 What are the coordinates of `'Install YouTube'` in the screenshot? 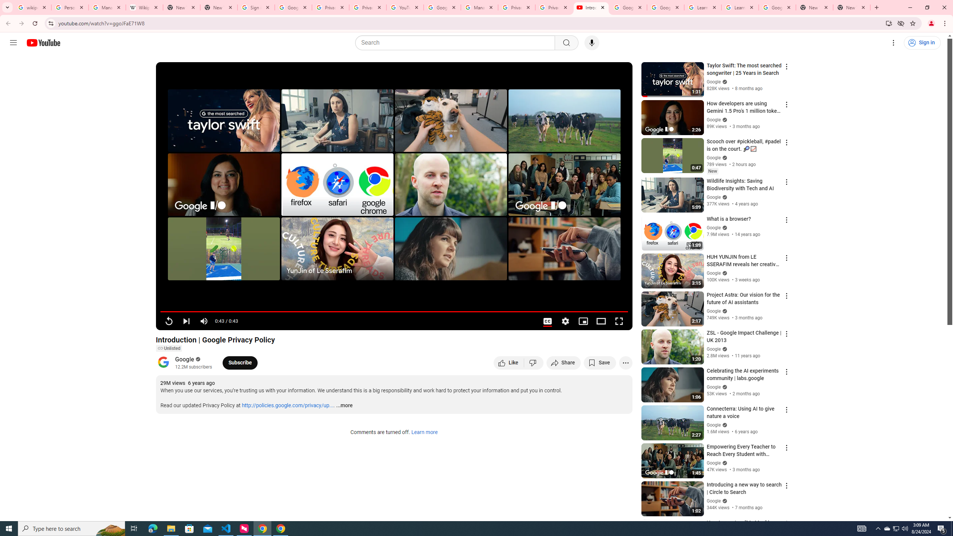 It's located at (889, 23).